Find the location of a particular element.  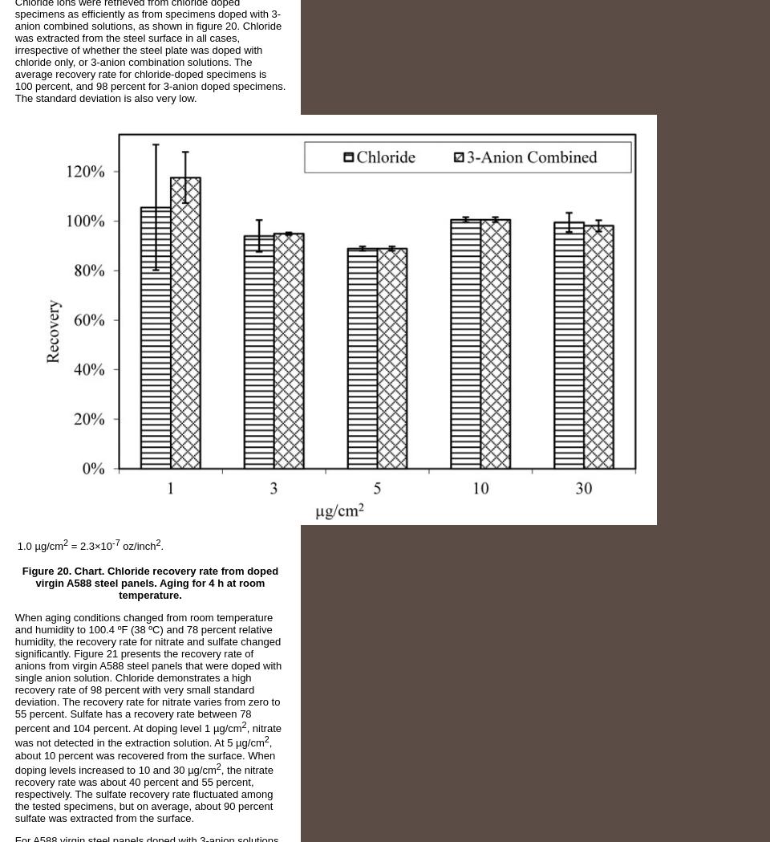

'1.0 µg/cm' is located at coordinates (16, 545).